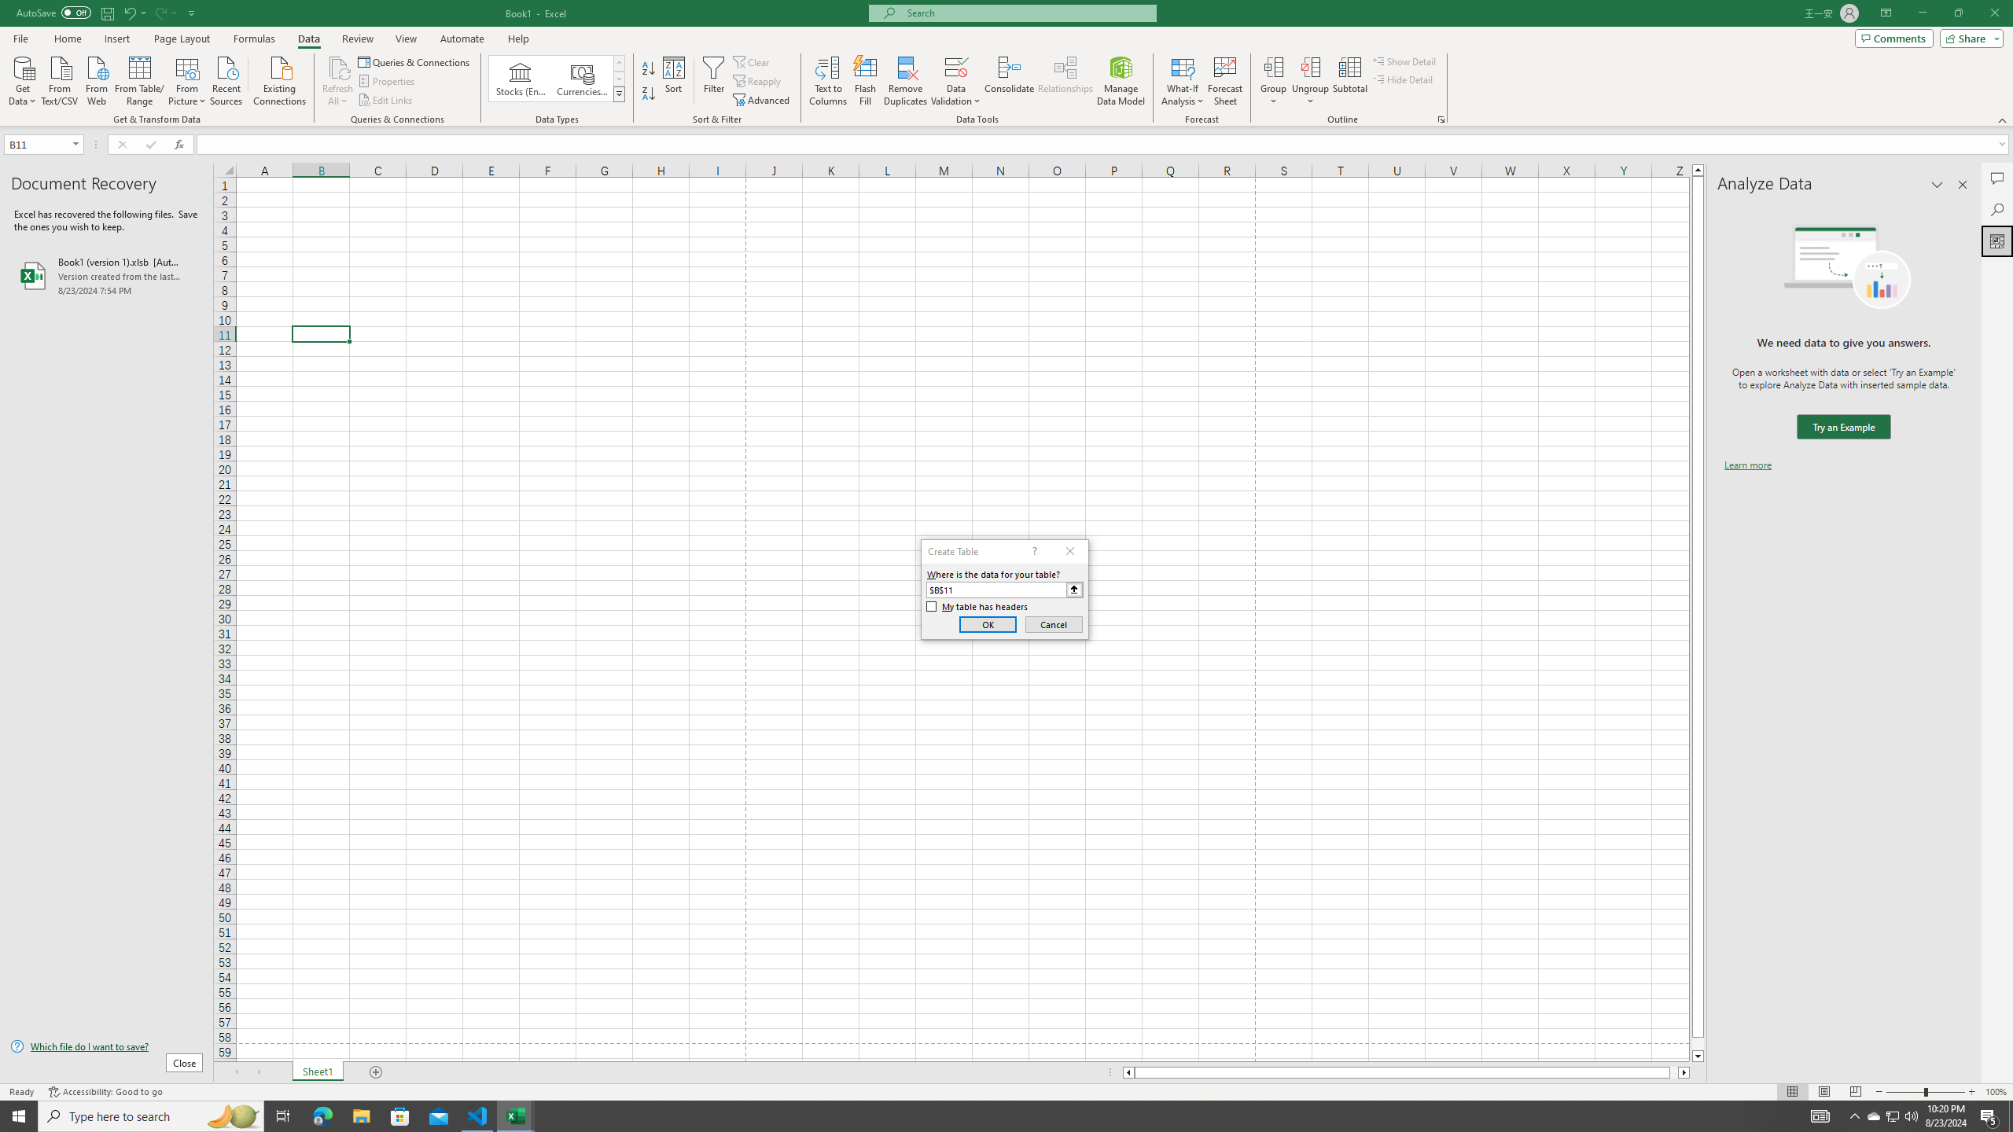  What do you see at coordinates (1698, 1057) in the screenshot?
I see `'Line down'` at bounding box center [1698, 1057].